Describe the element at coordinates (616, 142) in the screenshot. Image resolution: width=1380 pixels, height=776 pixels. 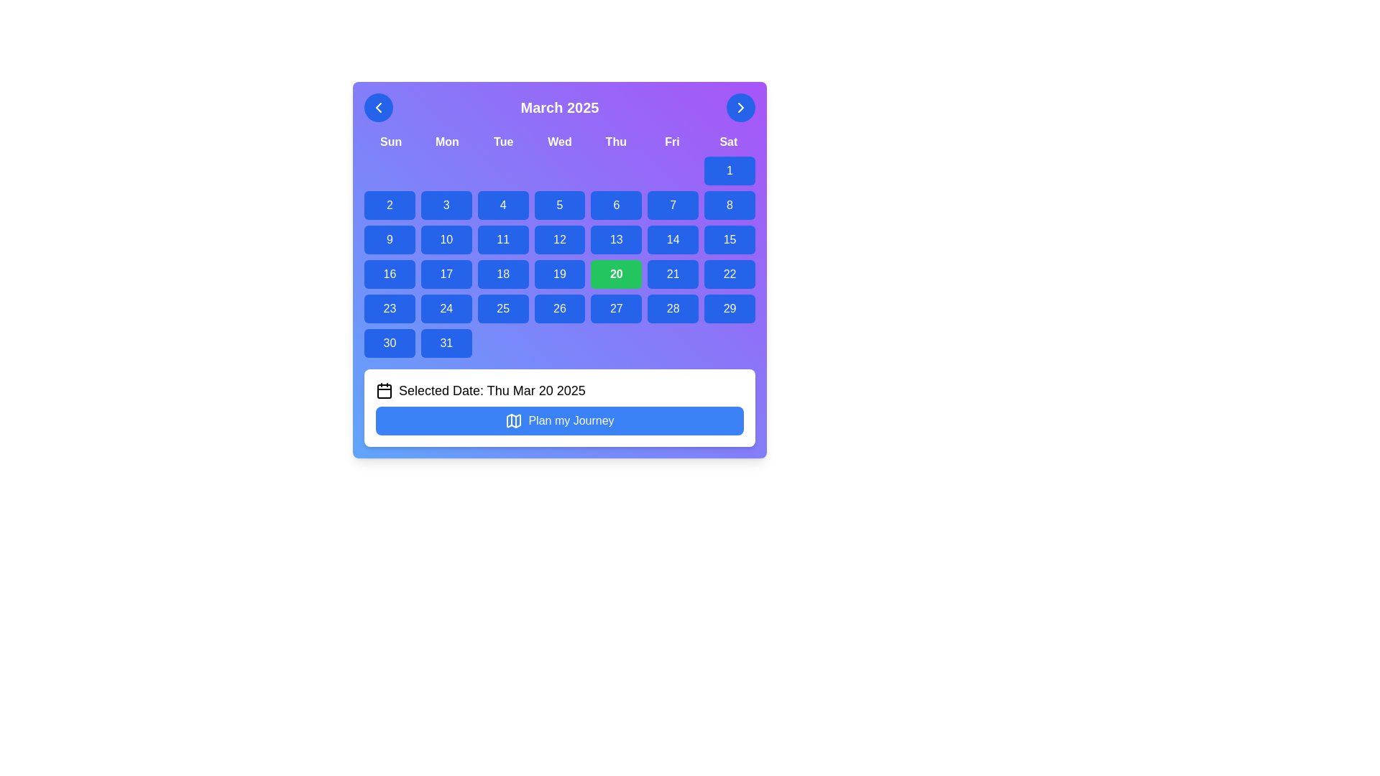
I see `contents of the text label displaying 'Thu', which is styled in white text against a purple background and is located near the top of the calendar interface` at that location.